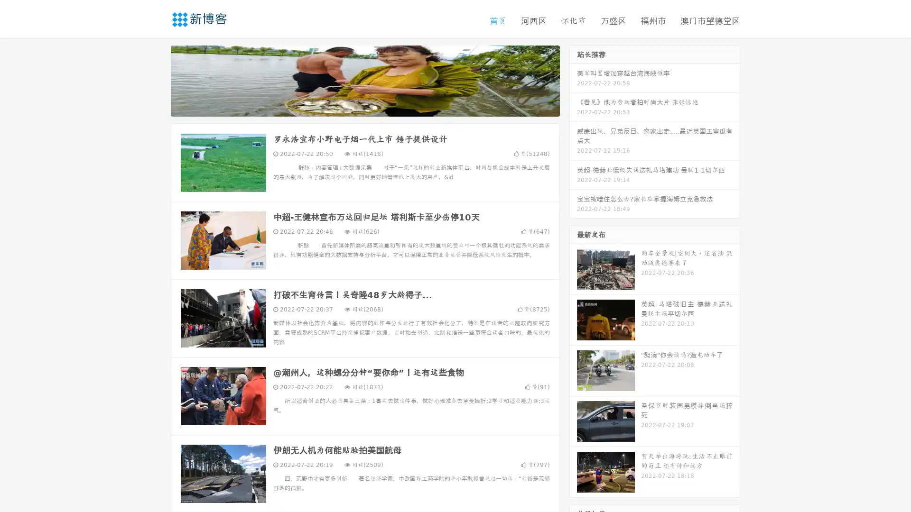  Describe the element at coordinates (364, 107) in the screenshot. I see `Go to slide 2` at that location.